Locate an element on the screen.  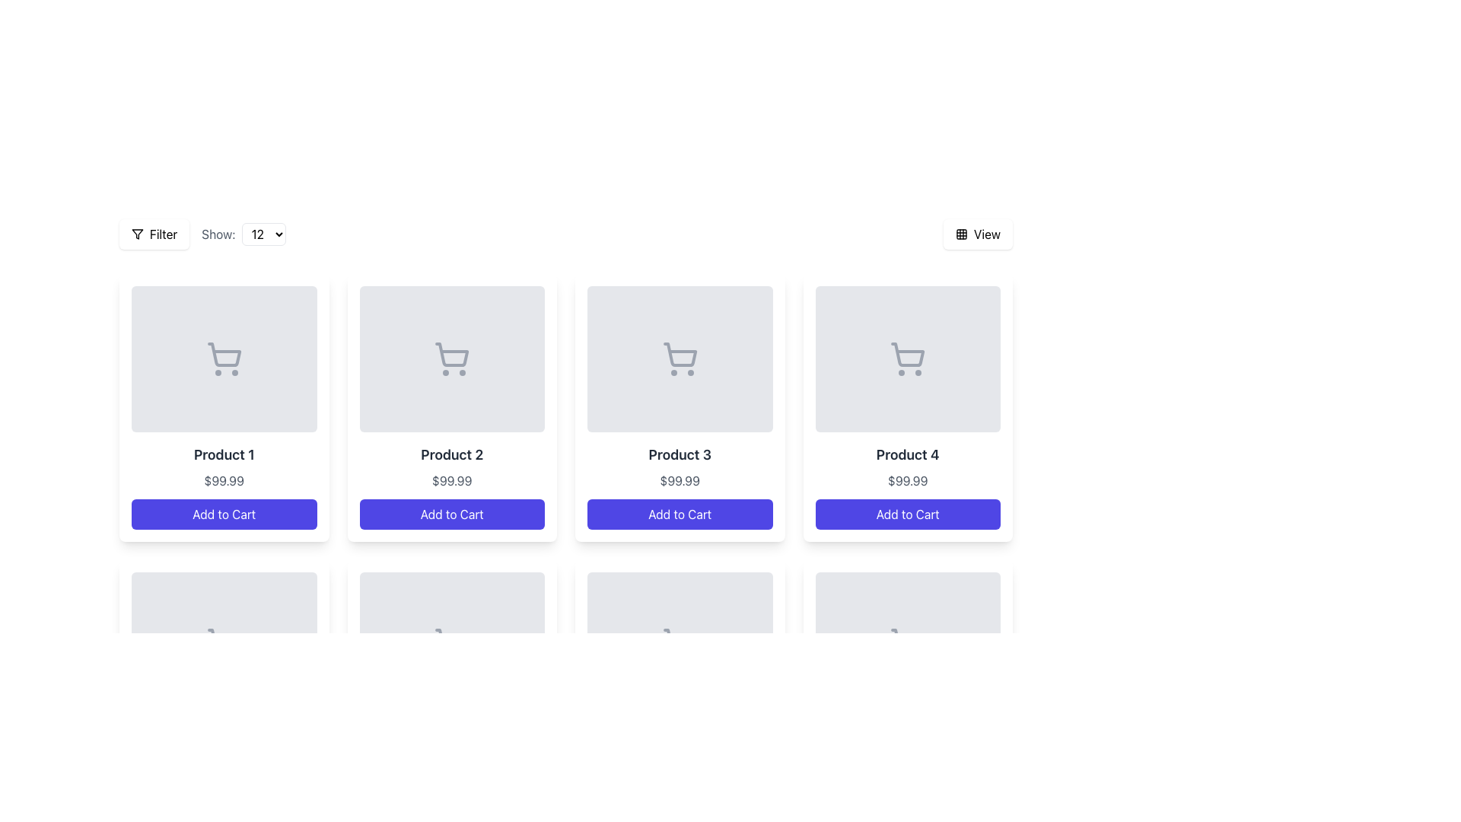
the text label displaying 'Show:' styled with gray-colored text, which is positioned to the left of a dropdown menu is located at coordinates (218, 234).